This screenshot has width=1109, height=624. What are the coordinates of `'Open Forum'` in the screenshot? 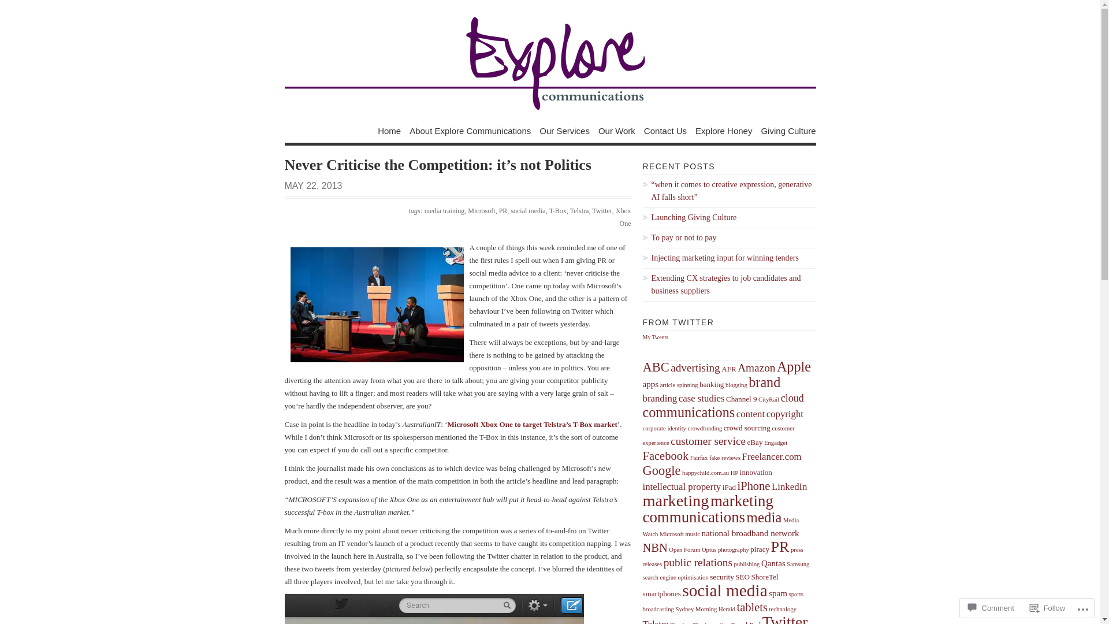 It's located at (684, 549).